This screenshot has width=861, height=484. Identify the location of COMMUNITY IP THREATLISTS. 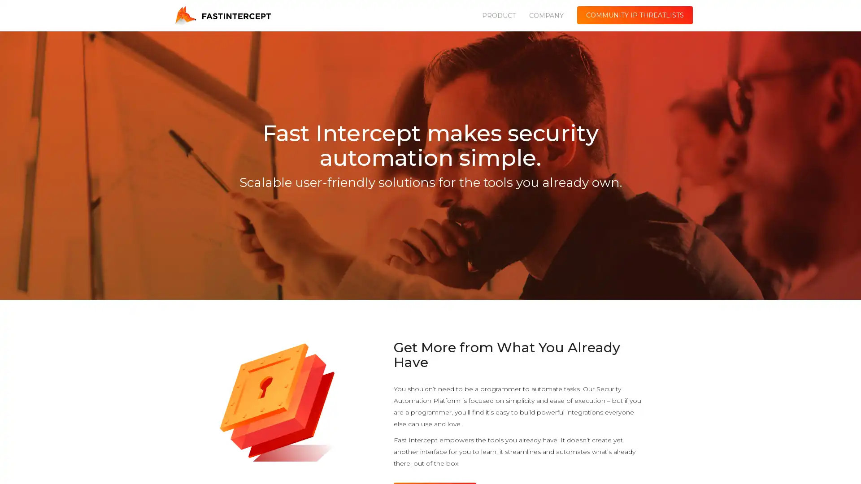
(635, 15).